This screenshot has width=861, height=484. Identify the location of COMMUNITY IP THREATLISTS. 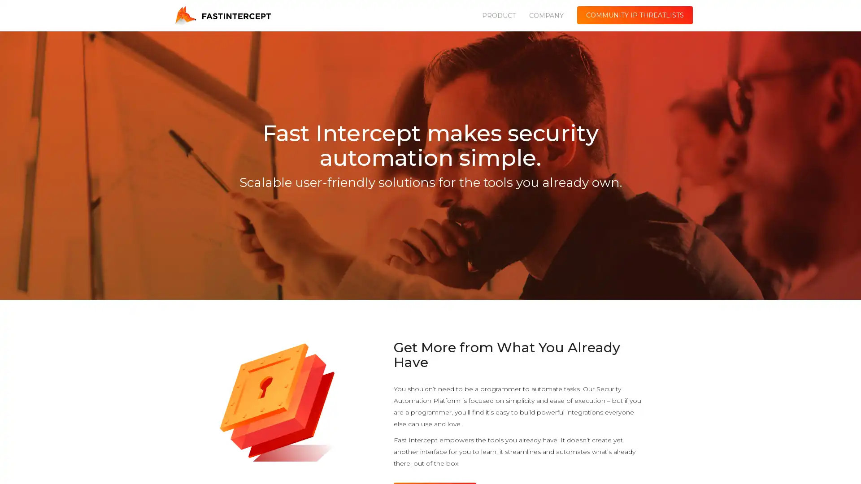
(635, 15).